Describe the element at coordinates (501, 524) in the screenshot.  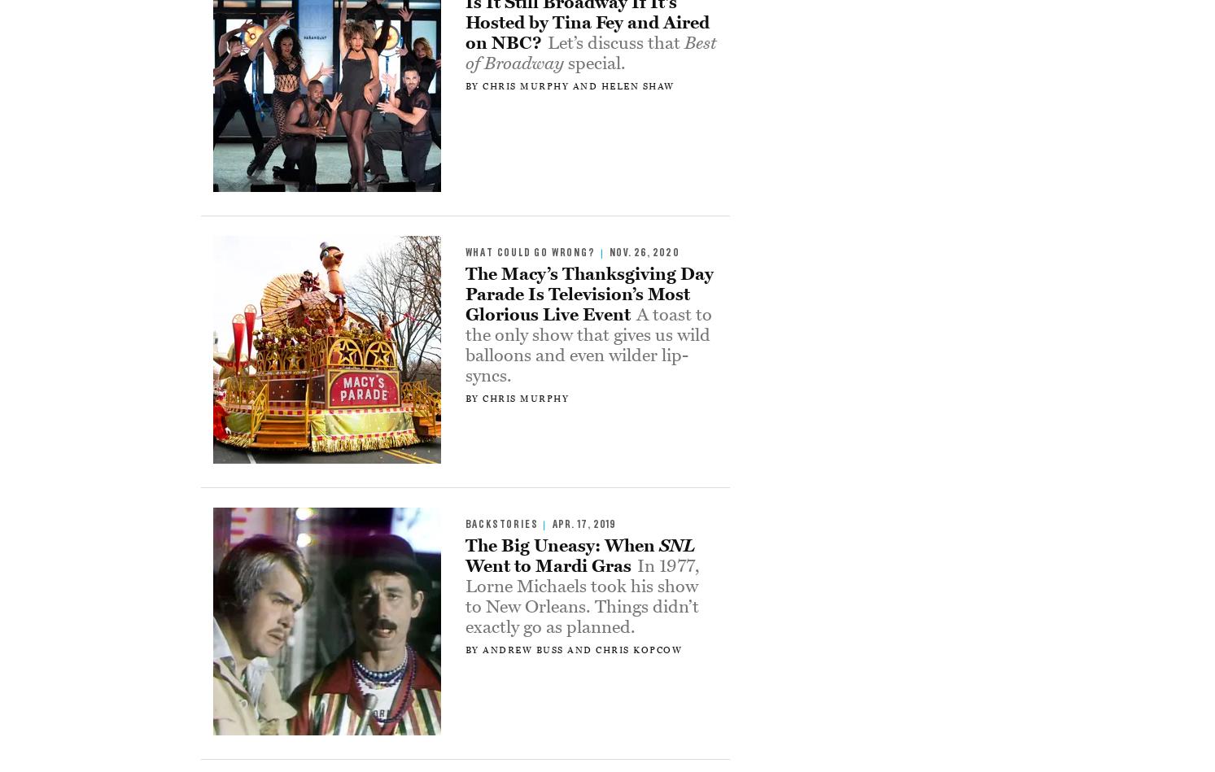
I see `'backstories'` at that location.